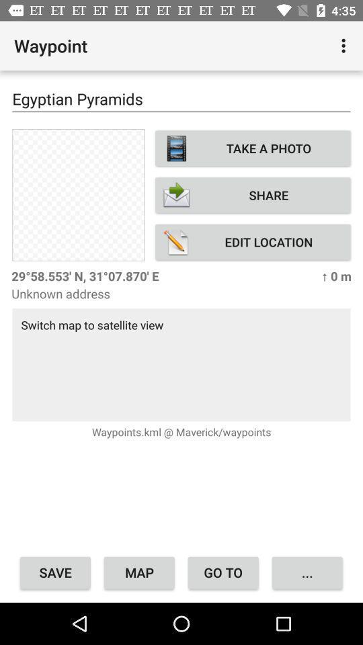 Image resolution: width=363 pixels, height=645 pixels. Describe the element at coordinates (78, 194) in the screenshot. I see `the item above the 29 58 553` at that location.